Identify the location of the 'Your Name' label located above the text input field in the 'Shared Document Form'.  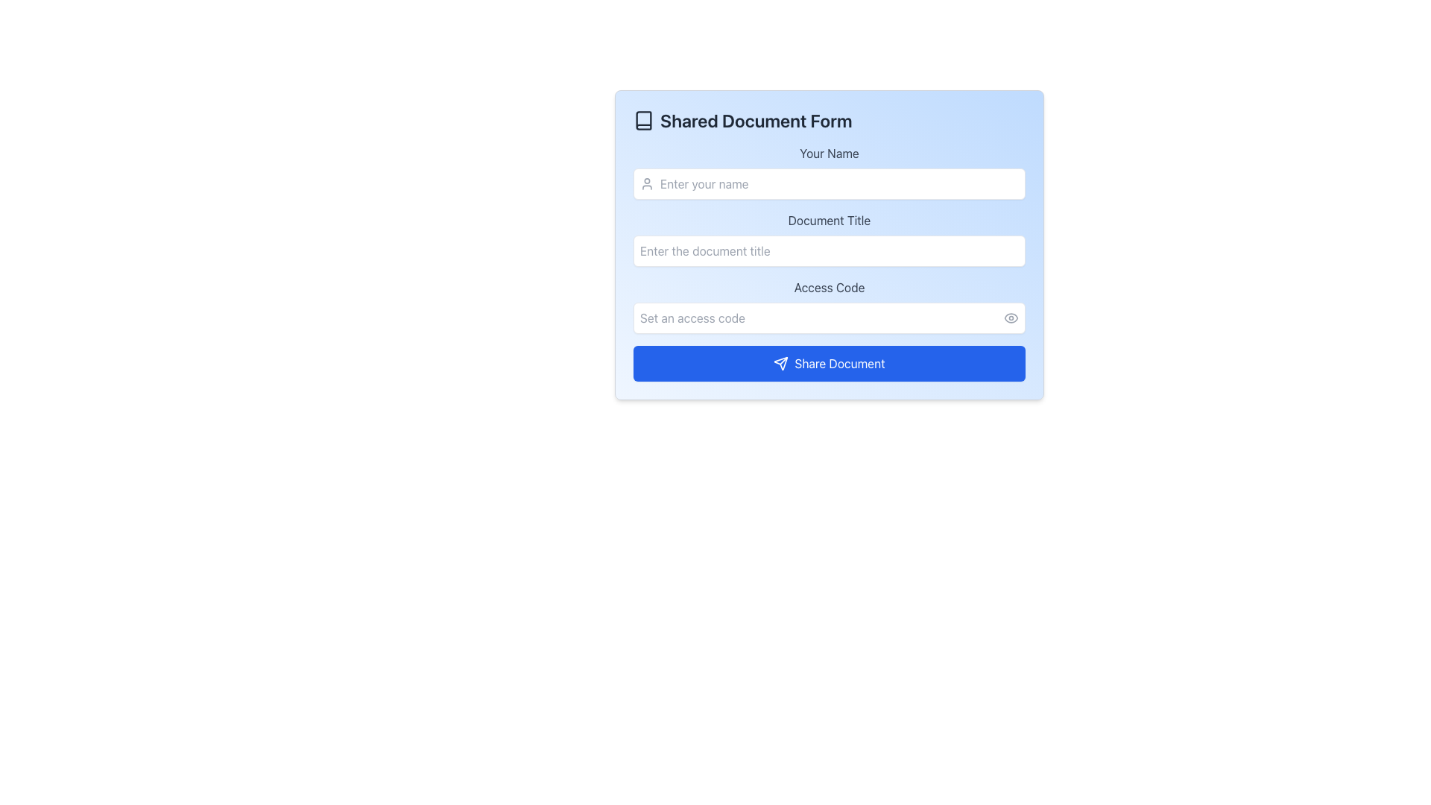
(829, 171).